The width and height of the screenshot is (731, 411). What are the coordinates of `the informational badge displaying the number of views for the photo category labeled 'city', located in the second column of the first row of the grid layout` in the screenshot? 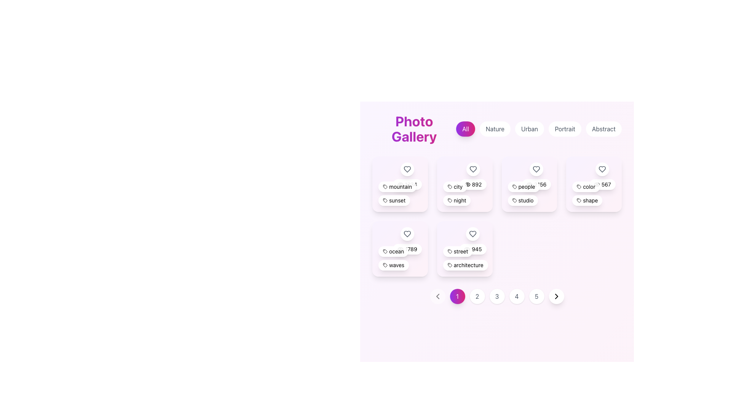 It's located at (472, 185).